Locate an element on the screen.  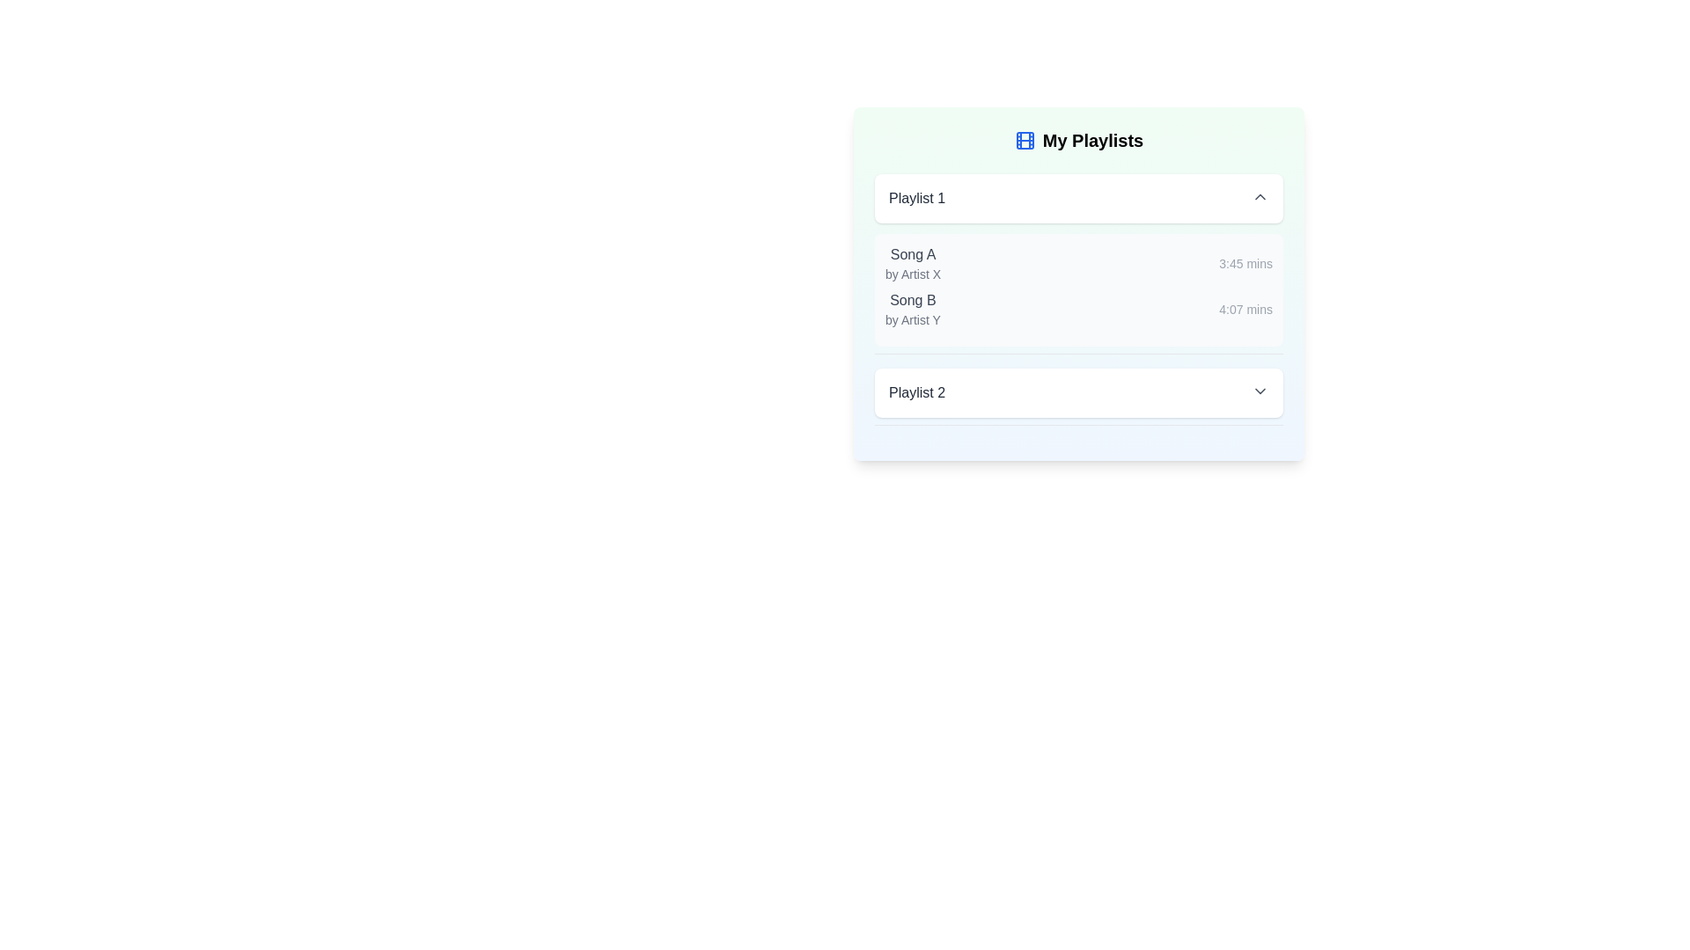
the upward-pointing chevron icon button located at the far right of the 'Playlist 1' section header, adjacent is located at coordinates (1259, 196).